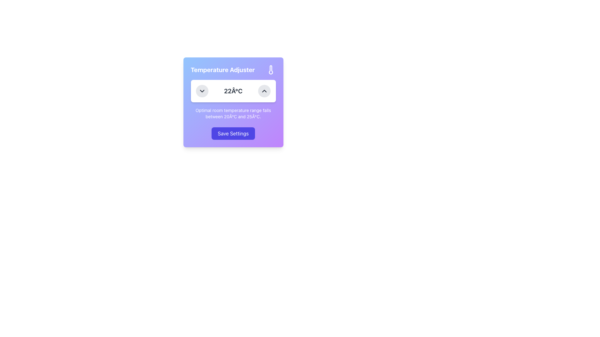 The image size is (600, 337). Describe the element at coordinates (202, 91) in the screenshot. I see `the downward-pointing chevron-shaped icon within the circular light gray button located to the right of the temperature value` at that location.